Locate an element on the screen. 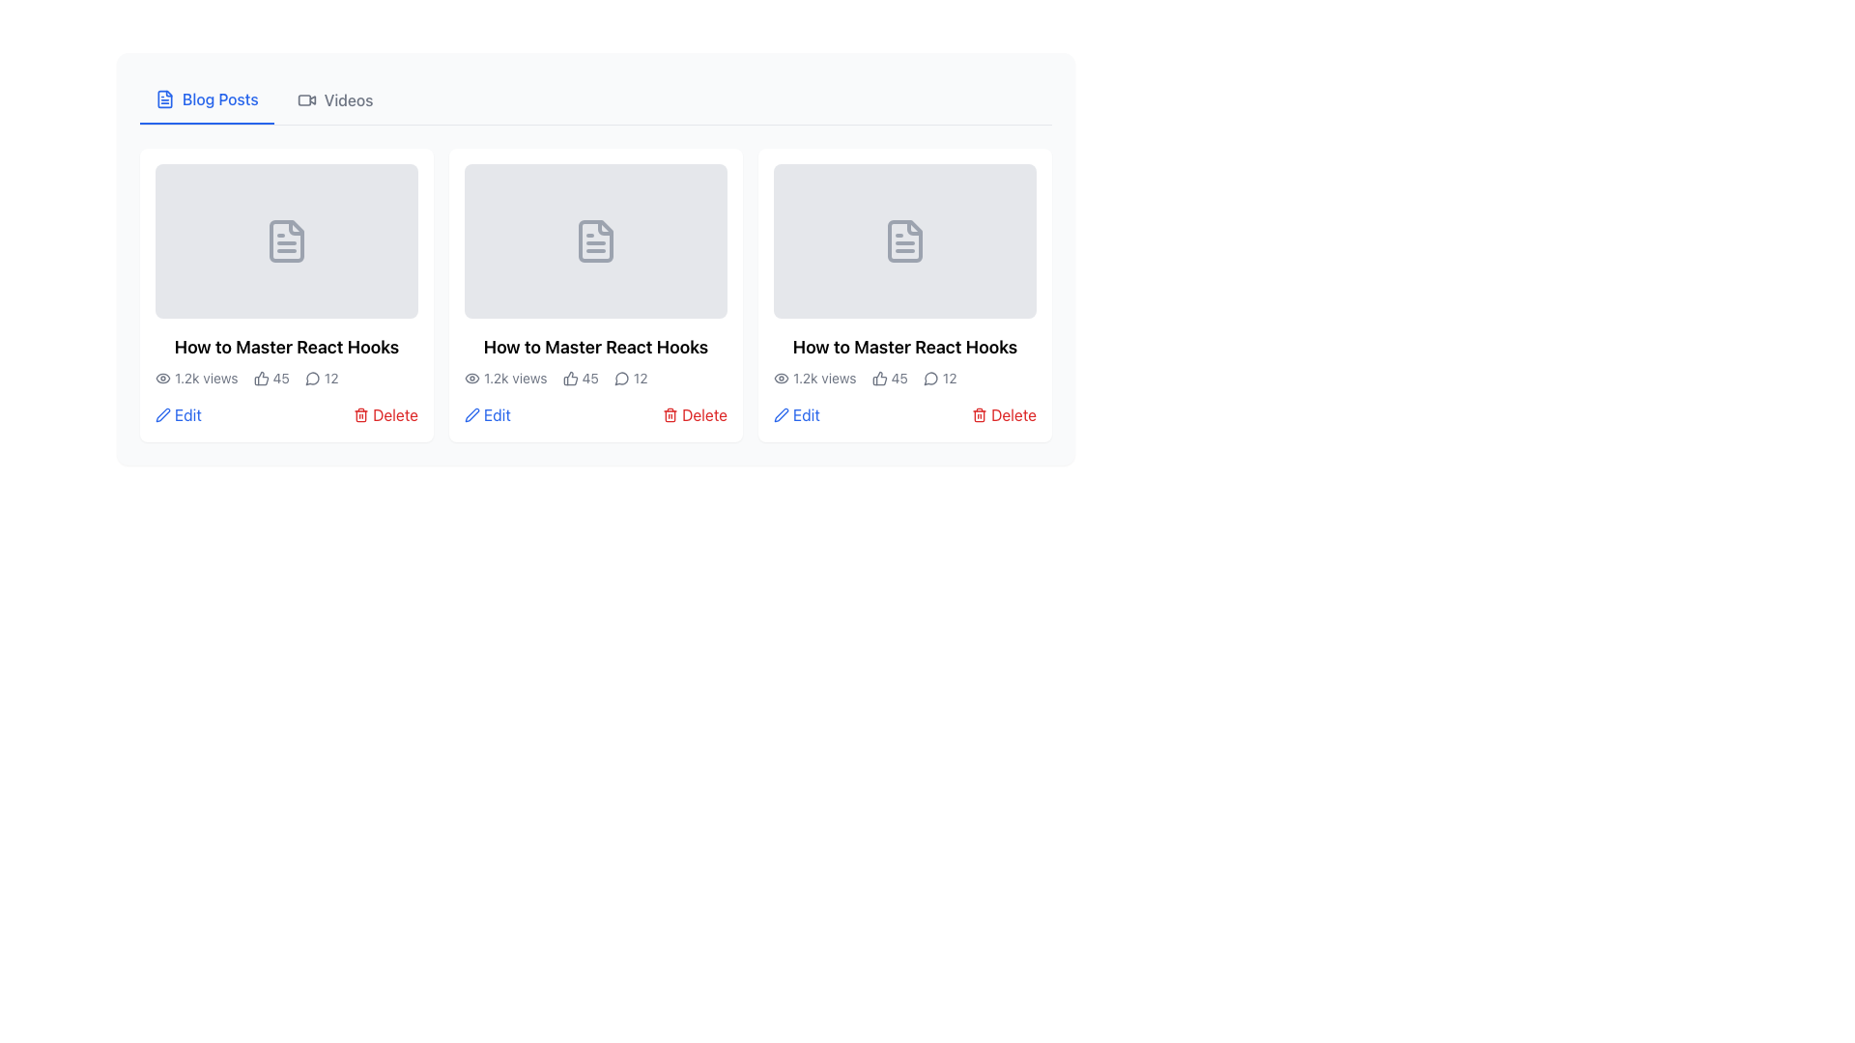 The width and height of the screenshot is (1855, 1043). the main file representation icon located in the second card of a horizontal layout, which is part of an icon resembling a document or a file is located at coordinates (903, 240).